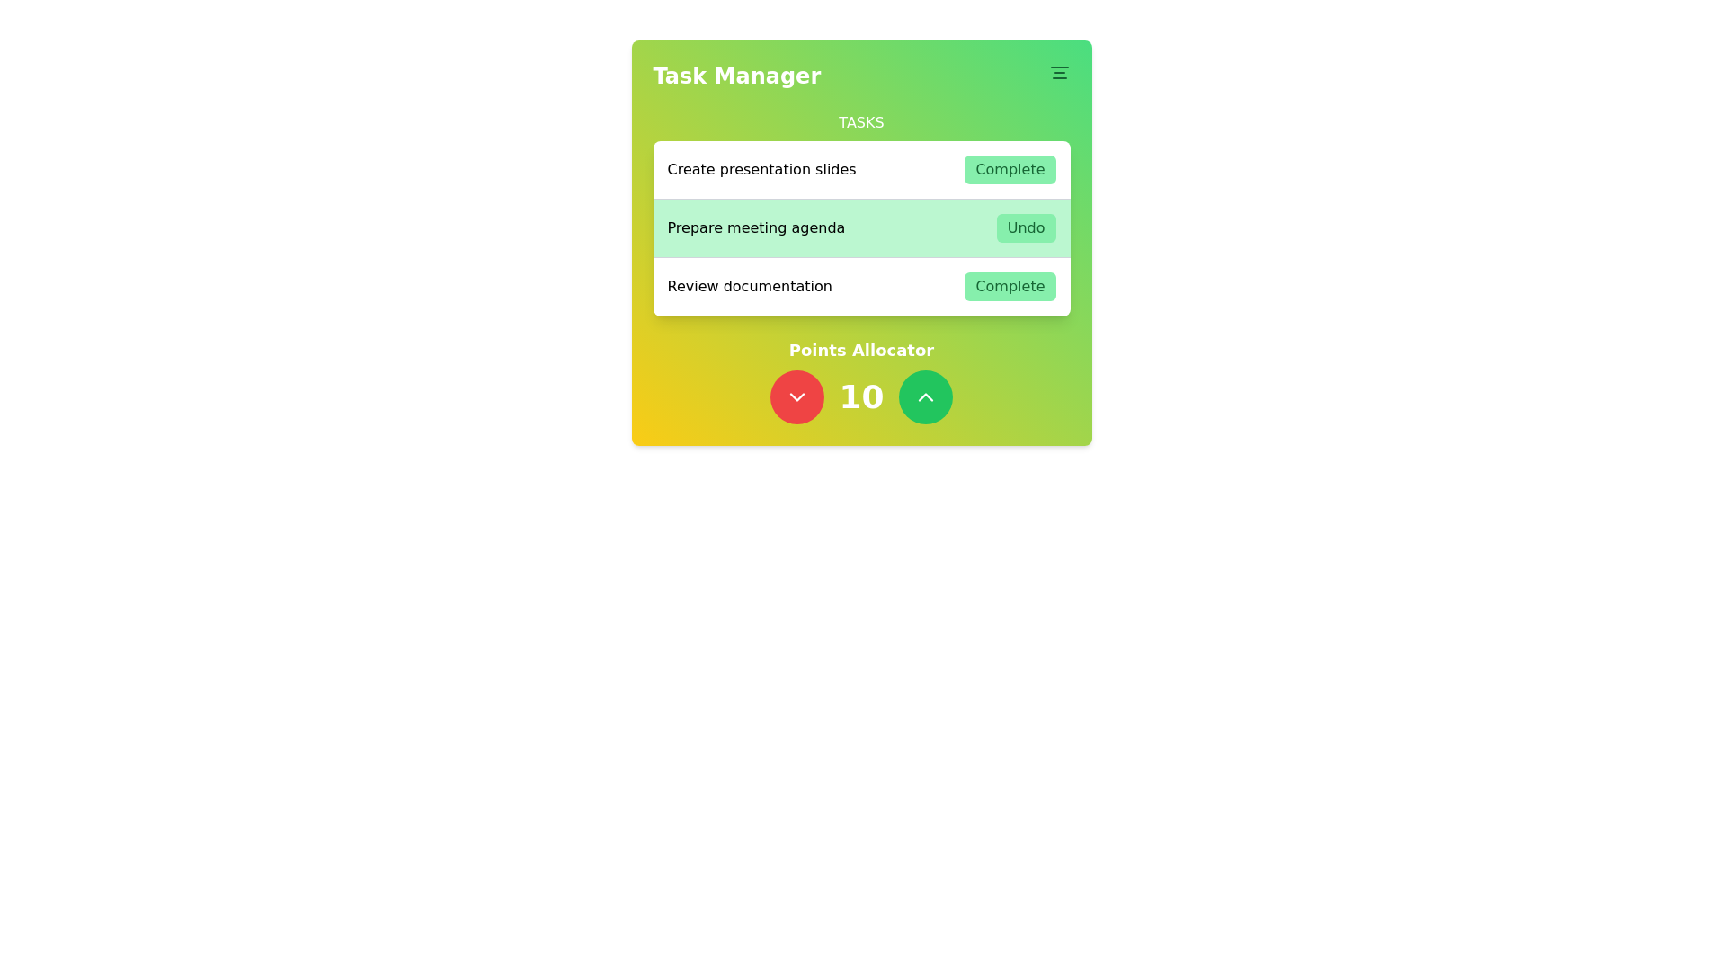  Describe the element at coordinates (860, 286) in the screenshot. I see `the 'Complete' button in the third row of the task management system to mark the task as completed` at that location.